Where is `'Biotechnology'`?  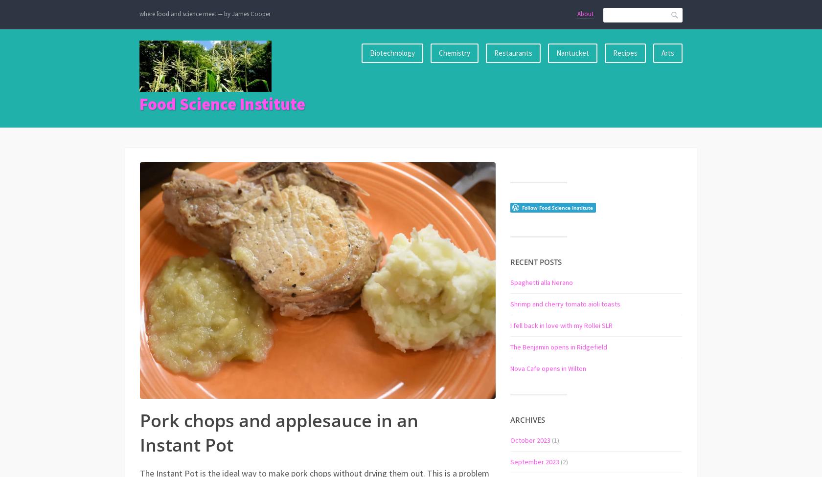 'Biotechnology' is located at coordinates (370, 52).